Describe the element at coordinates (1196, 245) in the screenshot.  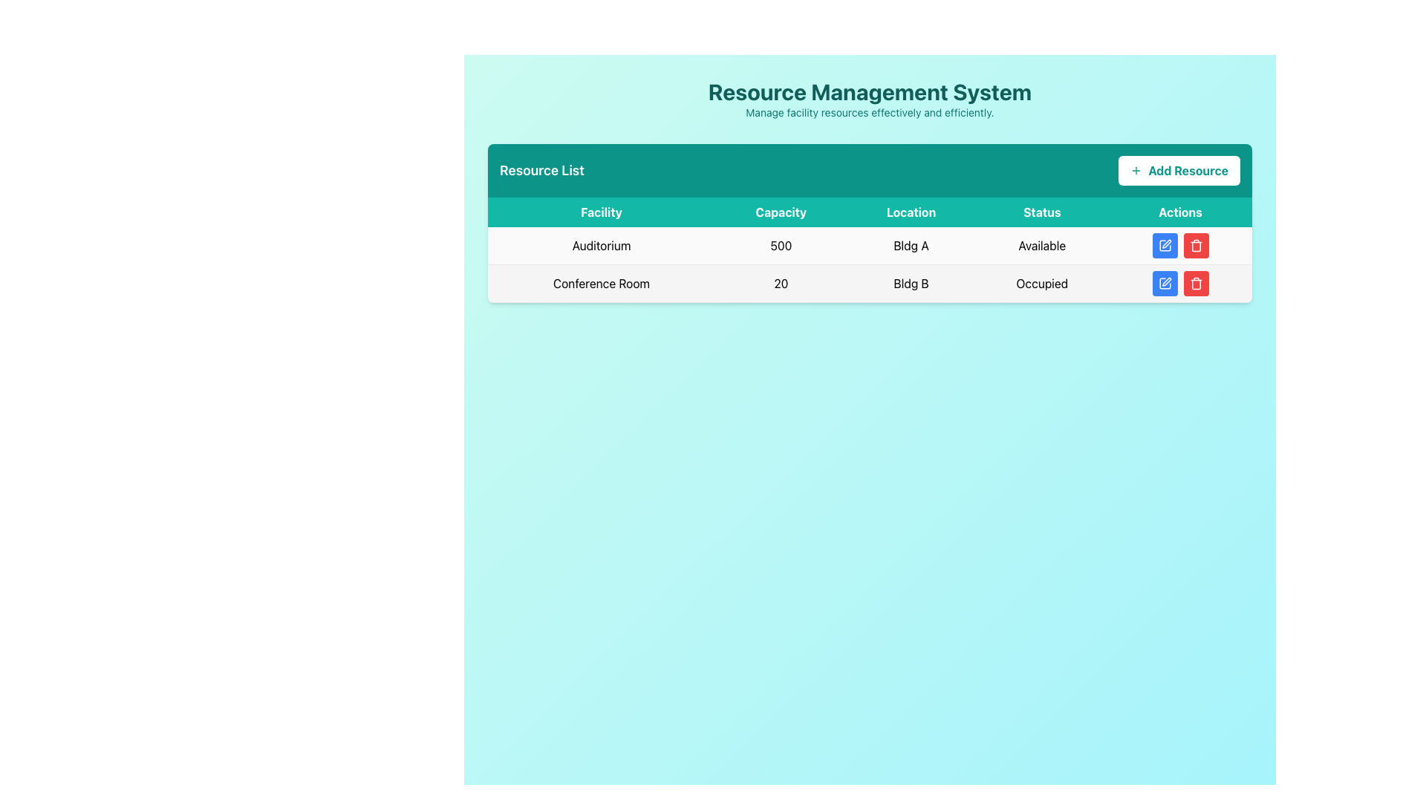
I see `the delete button for the 'Conference Room' entry located in the rightmost column of the resource table` at that location.